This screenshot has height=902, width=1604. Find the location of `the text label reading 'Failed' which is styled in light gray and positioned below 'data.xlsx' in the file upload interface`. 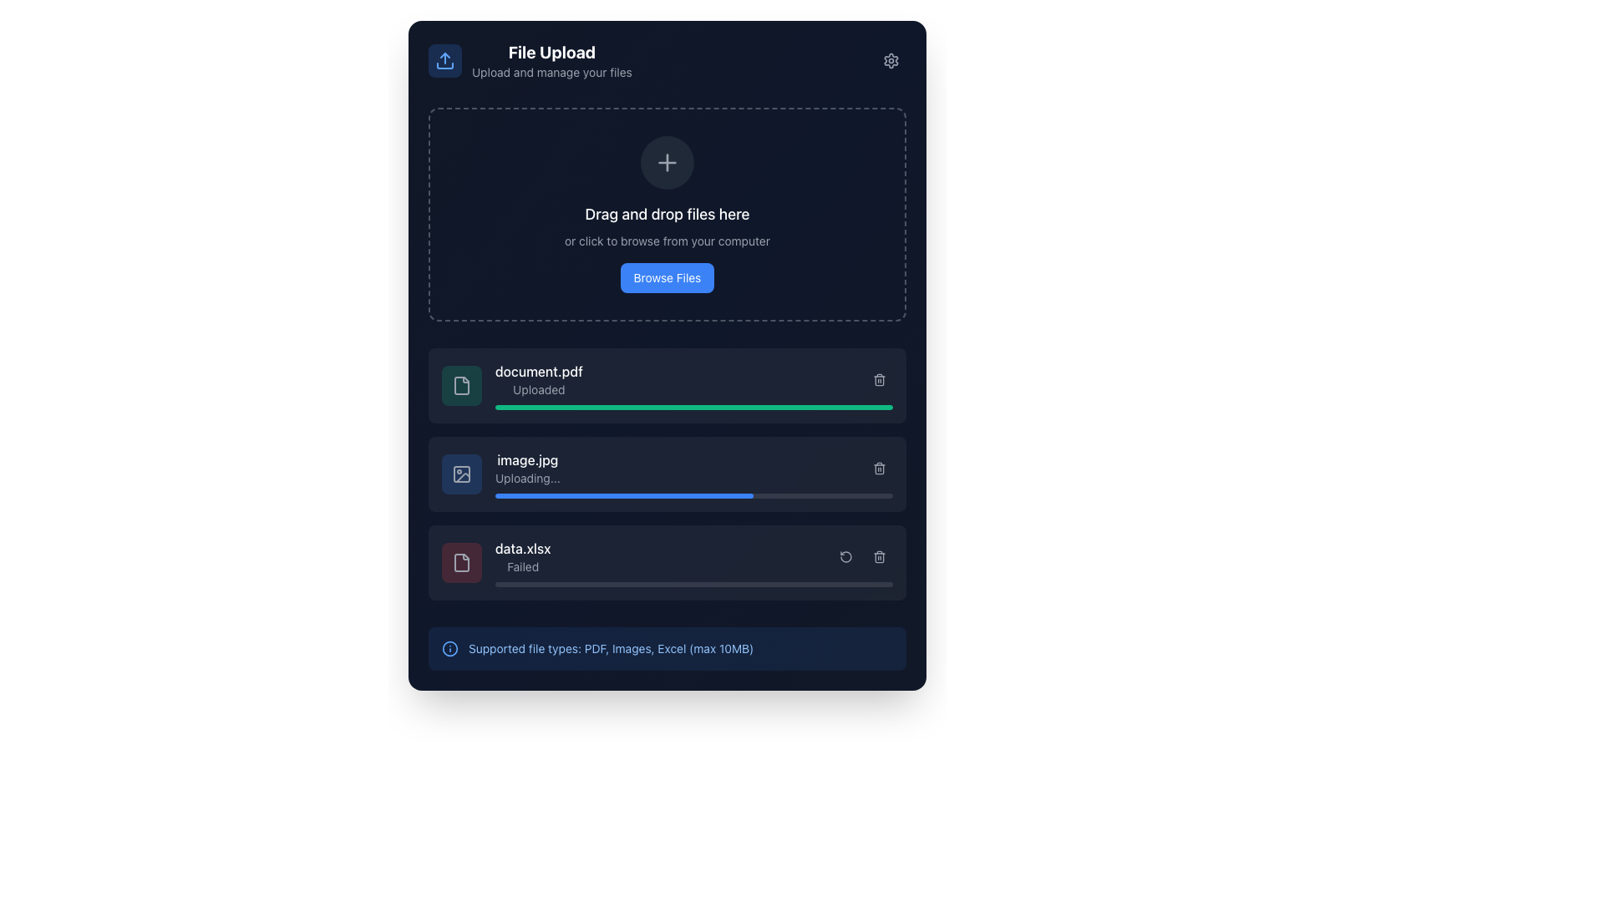

the text label reading 'Failed' which is styled in light gray and positioned below 'data.xlsx' in the file upload interface is located at coordinates (522, 565).